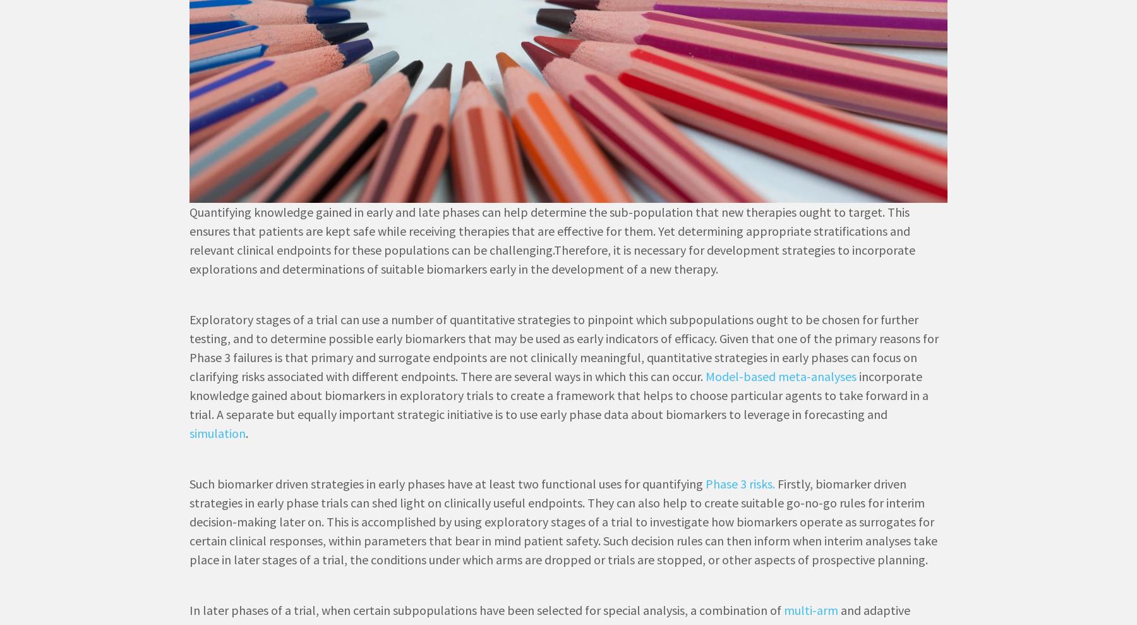 This screenshot has height=625, width=1137. Describe the element at coordinates (780, 375) in the screenshot. I see `'Model-based meta-analyses'` at that location.